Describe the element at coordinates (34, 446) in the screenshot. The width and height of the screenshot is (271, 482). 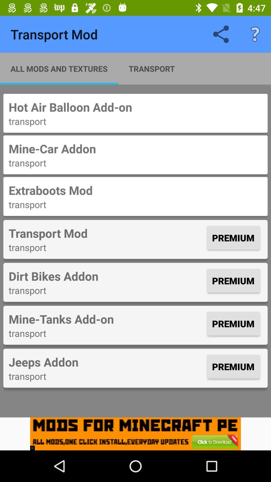
I see `the icon at the bottom left corner` at that location.